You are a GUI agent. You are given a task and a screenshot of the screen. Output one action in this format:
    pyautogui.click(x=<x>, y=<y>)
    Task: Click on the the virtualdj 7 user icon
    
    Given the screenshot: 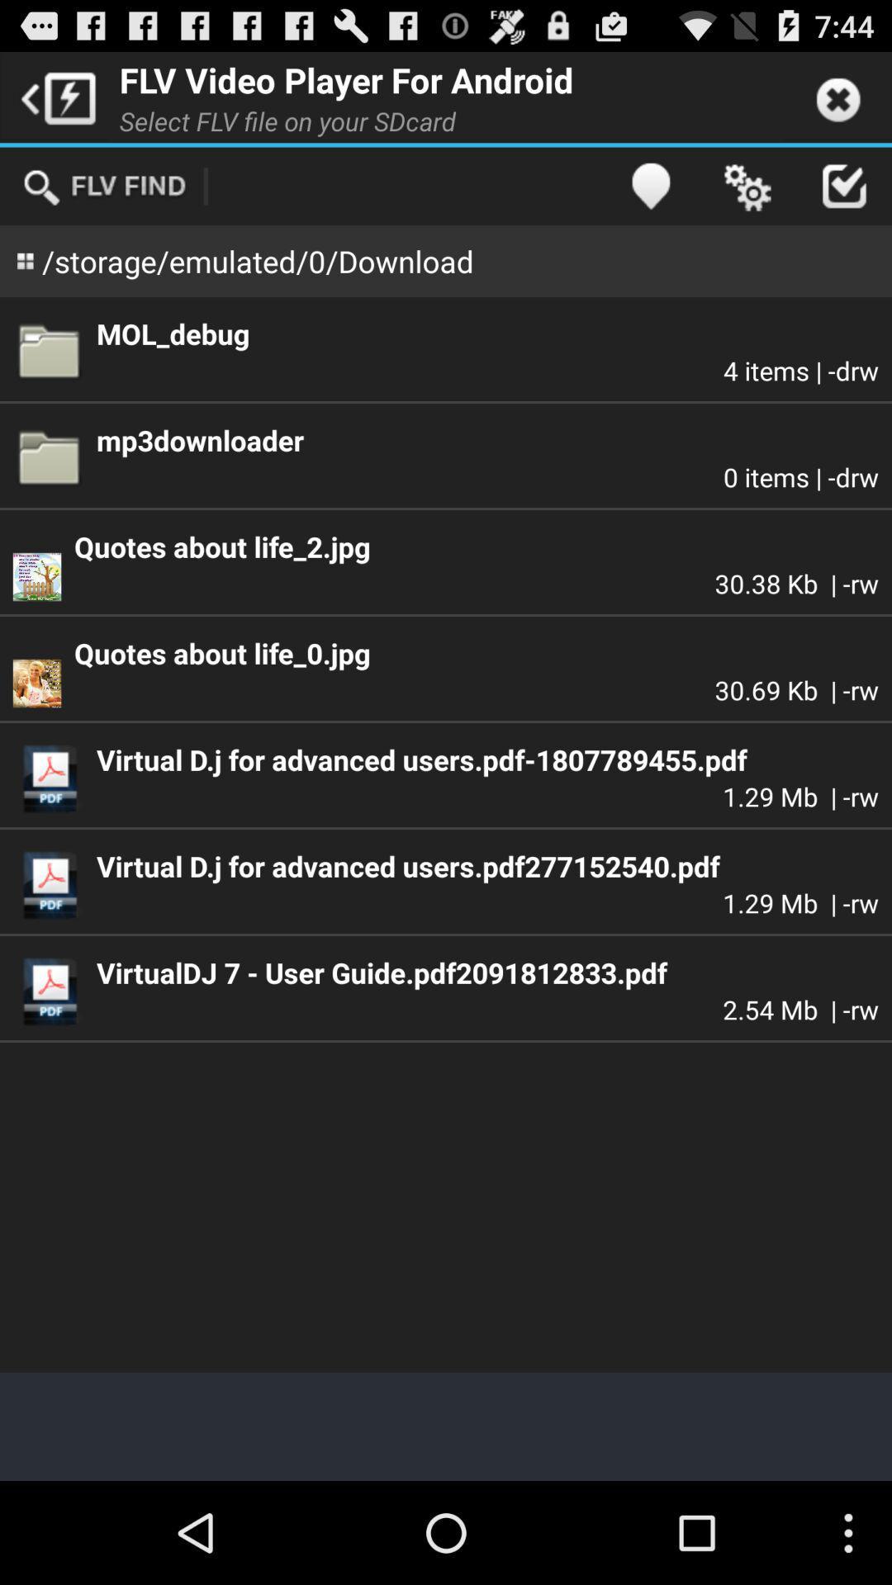 What is the action you would take?
    pyautogui.click(x=486, y=972)
    